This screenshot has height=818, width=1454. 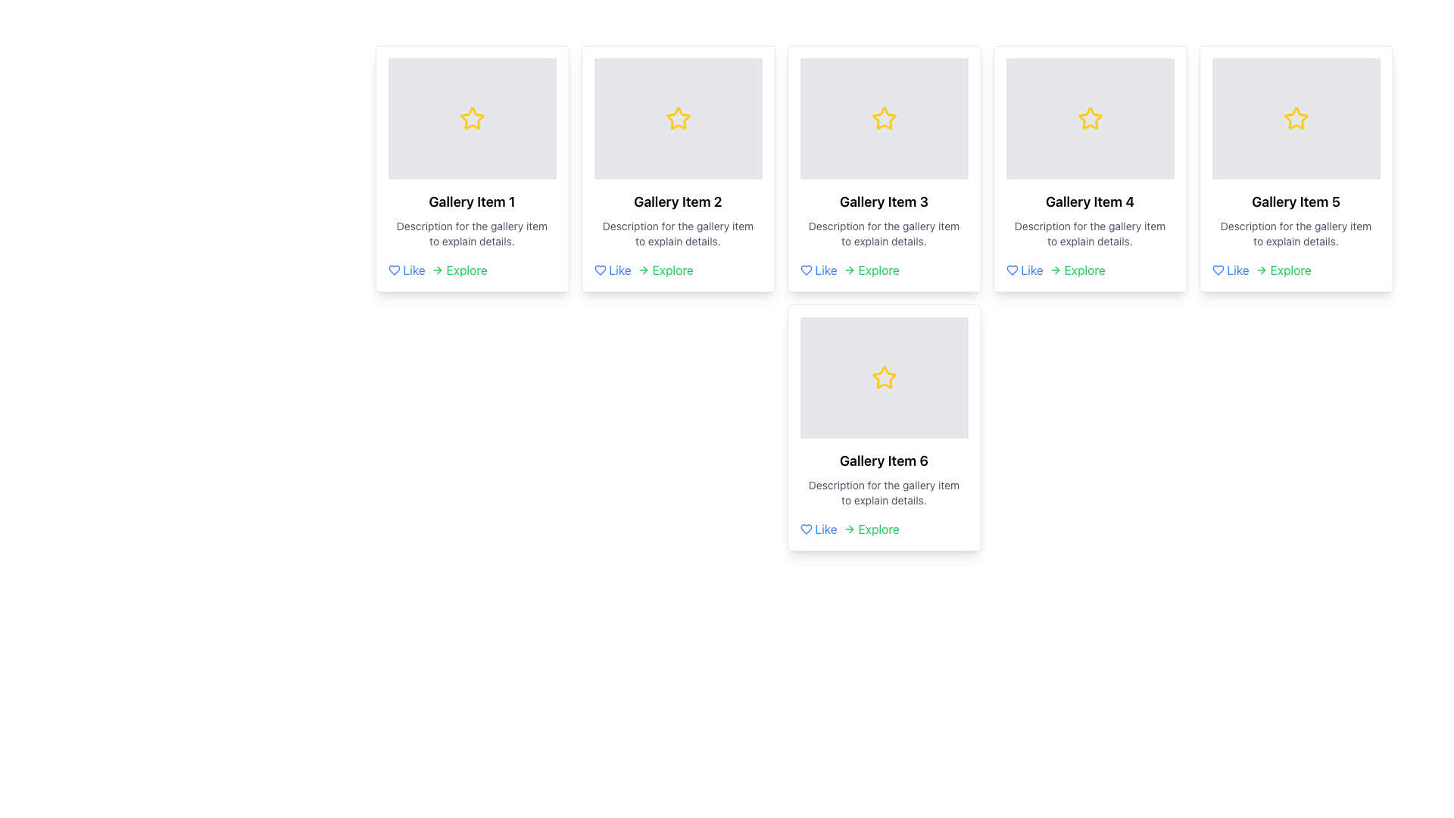 What do you see at coordinates (613, 270) in the screenshot?
I see `the heart icon located in the footer of the second gallery card in the first row, which is the first interactive option preceding the 'Explore' link` at bounding box center [613, 270].